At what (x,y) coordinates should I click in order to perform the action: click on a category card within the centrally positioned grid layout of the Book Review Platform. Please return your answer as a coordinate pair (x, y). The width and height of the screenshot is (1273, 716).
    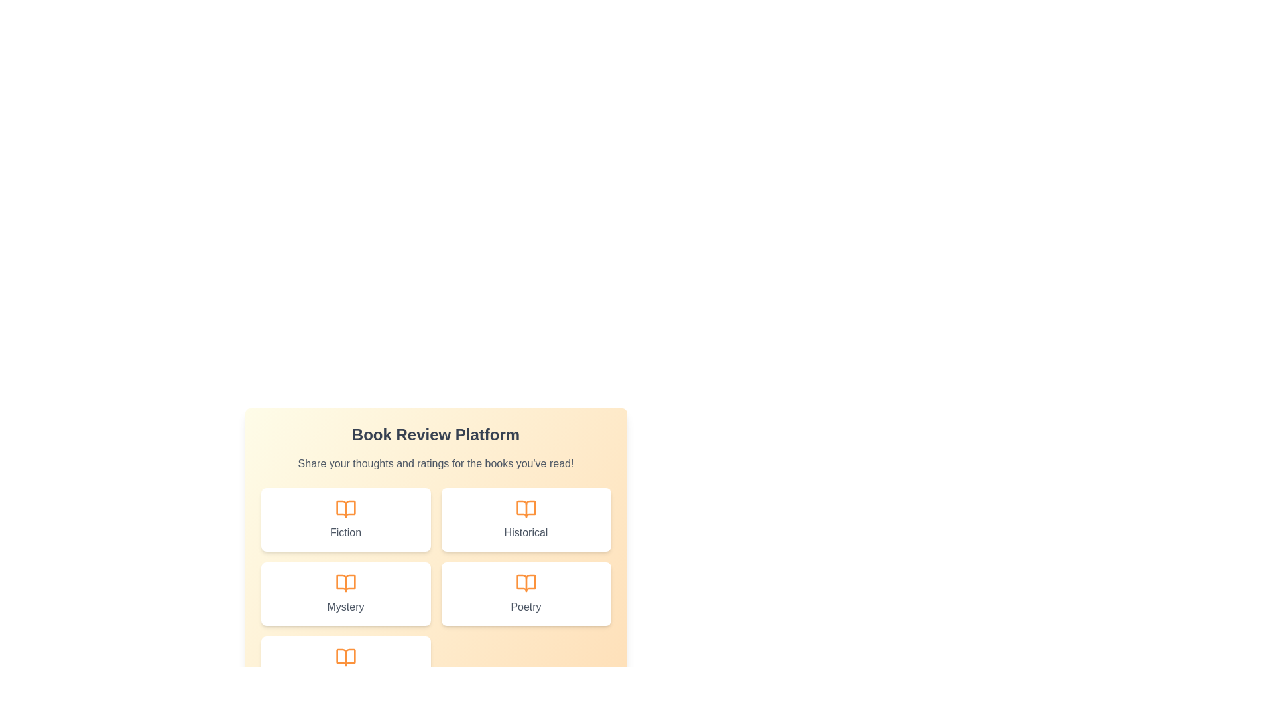
    Looking at the image, I should click on (436, 593).